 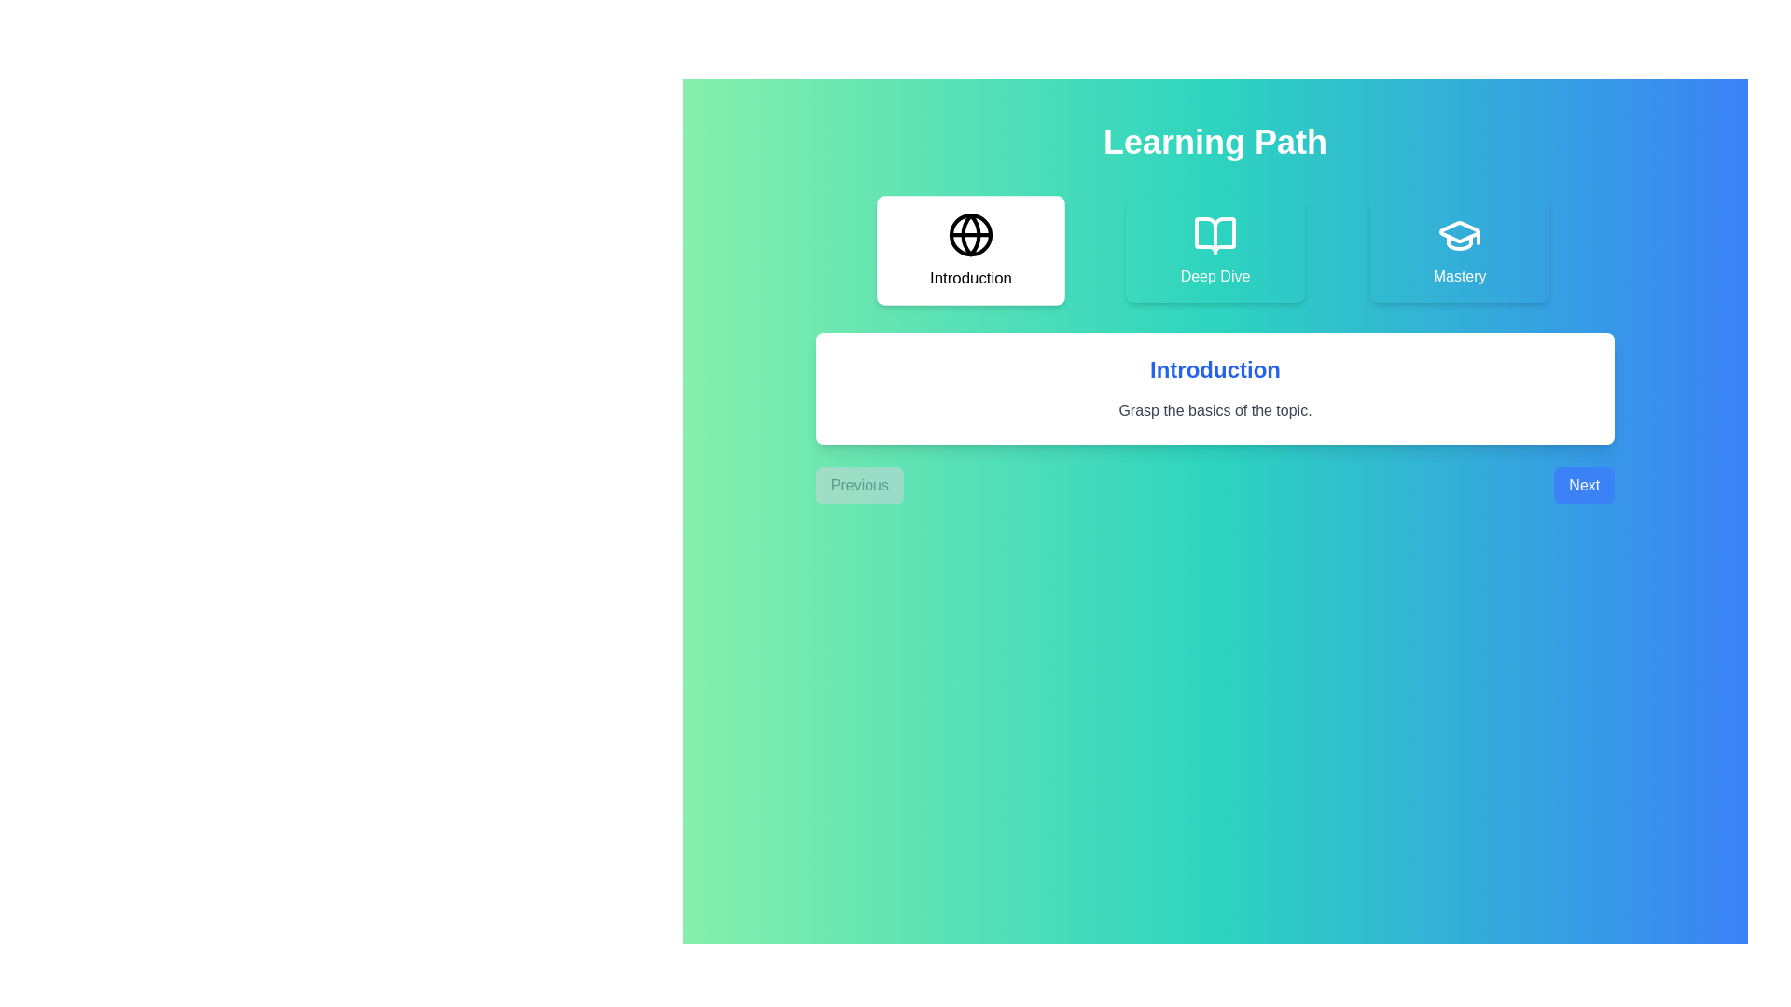 I want to click on the stage header labeled 'Introduction' to navigate to that stage, so click(x=970, y=250).